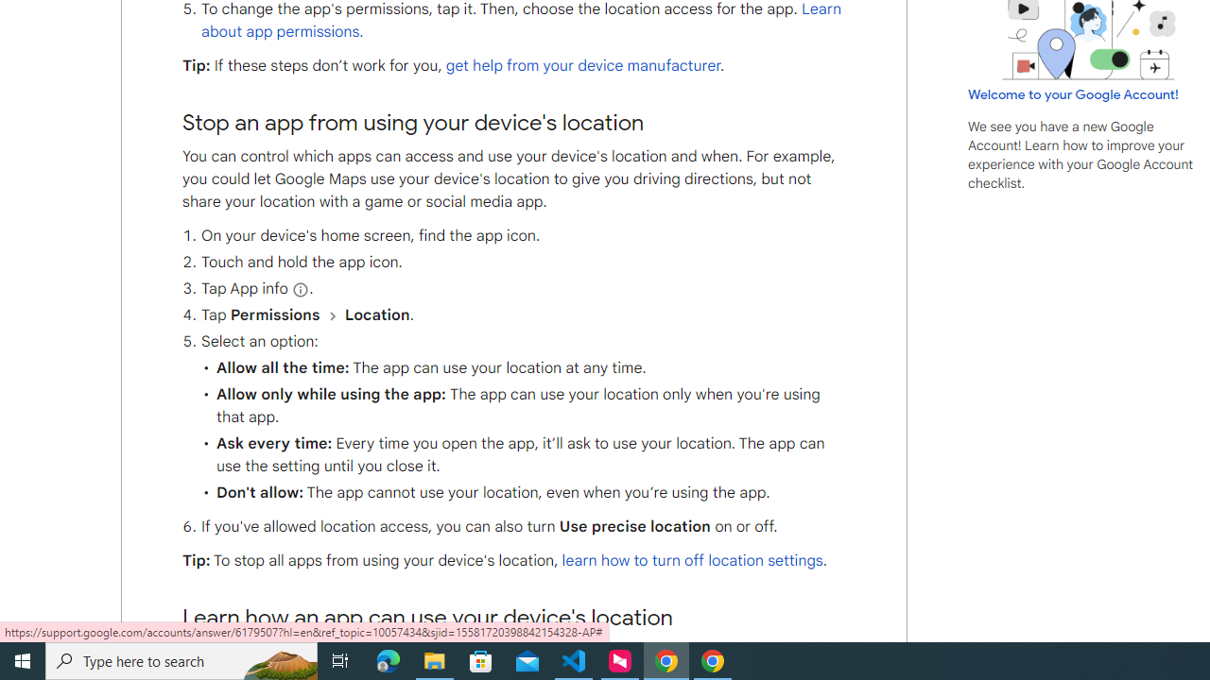  Describe the element at coordinates (521, 20) in the screenshot. I see `'Learn about app permissions.'` at that location.